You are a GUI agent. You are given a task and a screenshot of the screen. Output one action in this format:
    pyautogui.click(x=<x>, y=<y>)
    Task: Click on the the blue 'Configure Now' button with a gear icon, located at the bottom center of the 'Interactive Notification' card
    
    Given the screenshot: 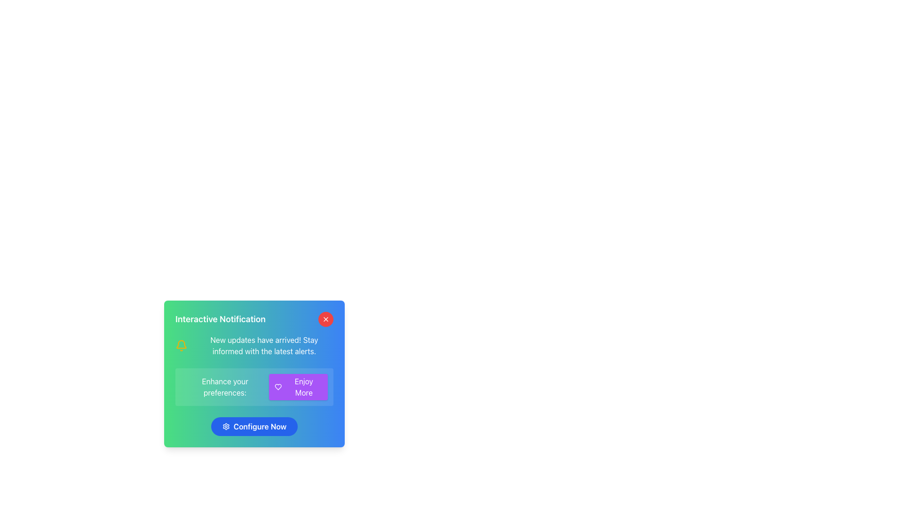 What is the action you would take?
    pyautogui.click(x=254, y=426)
    